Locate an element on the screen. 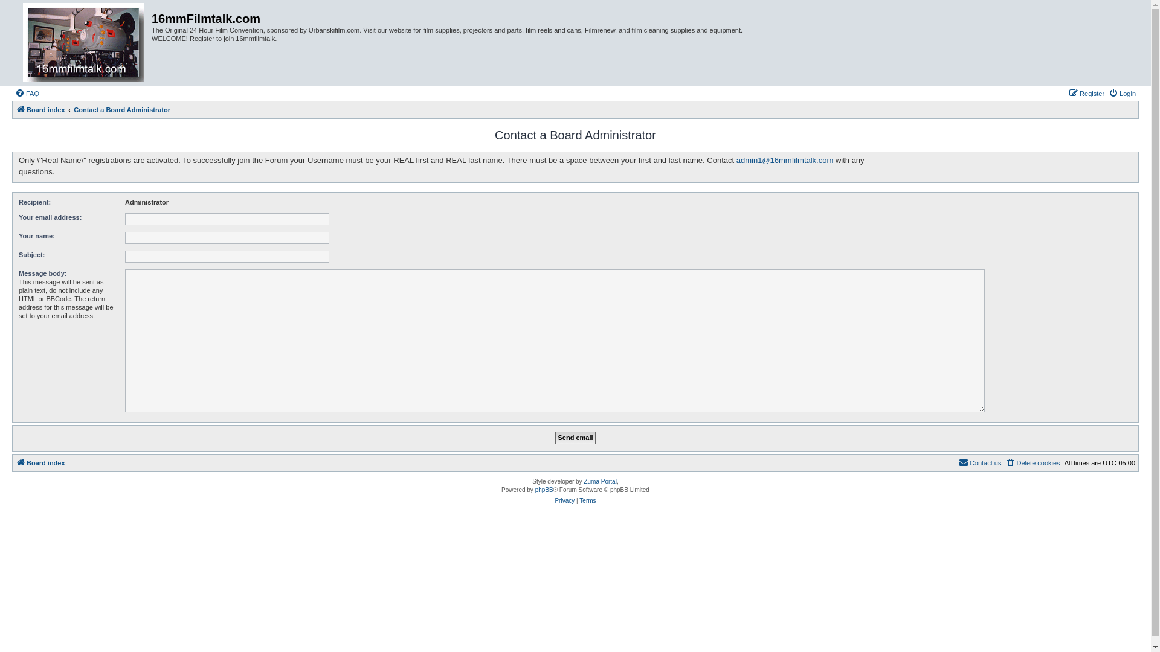 The height and width of the screenshot is (652, 1160). 'Board index' is located at coordinates (40, 109).